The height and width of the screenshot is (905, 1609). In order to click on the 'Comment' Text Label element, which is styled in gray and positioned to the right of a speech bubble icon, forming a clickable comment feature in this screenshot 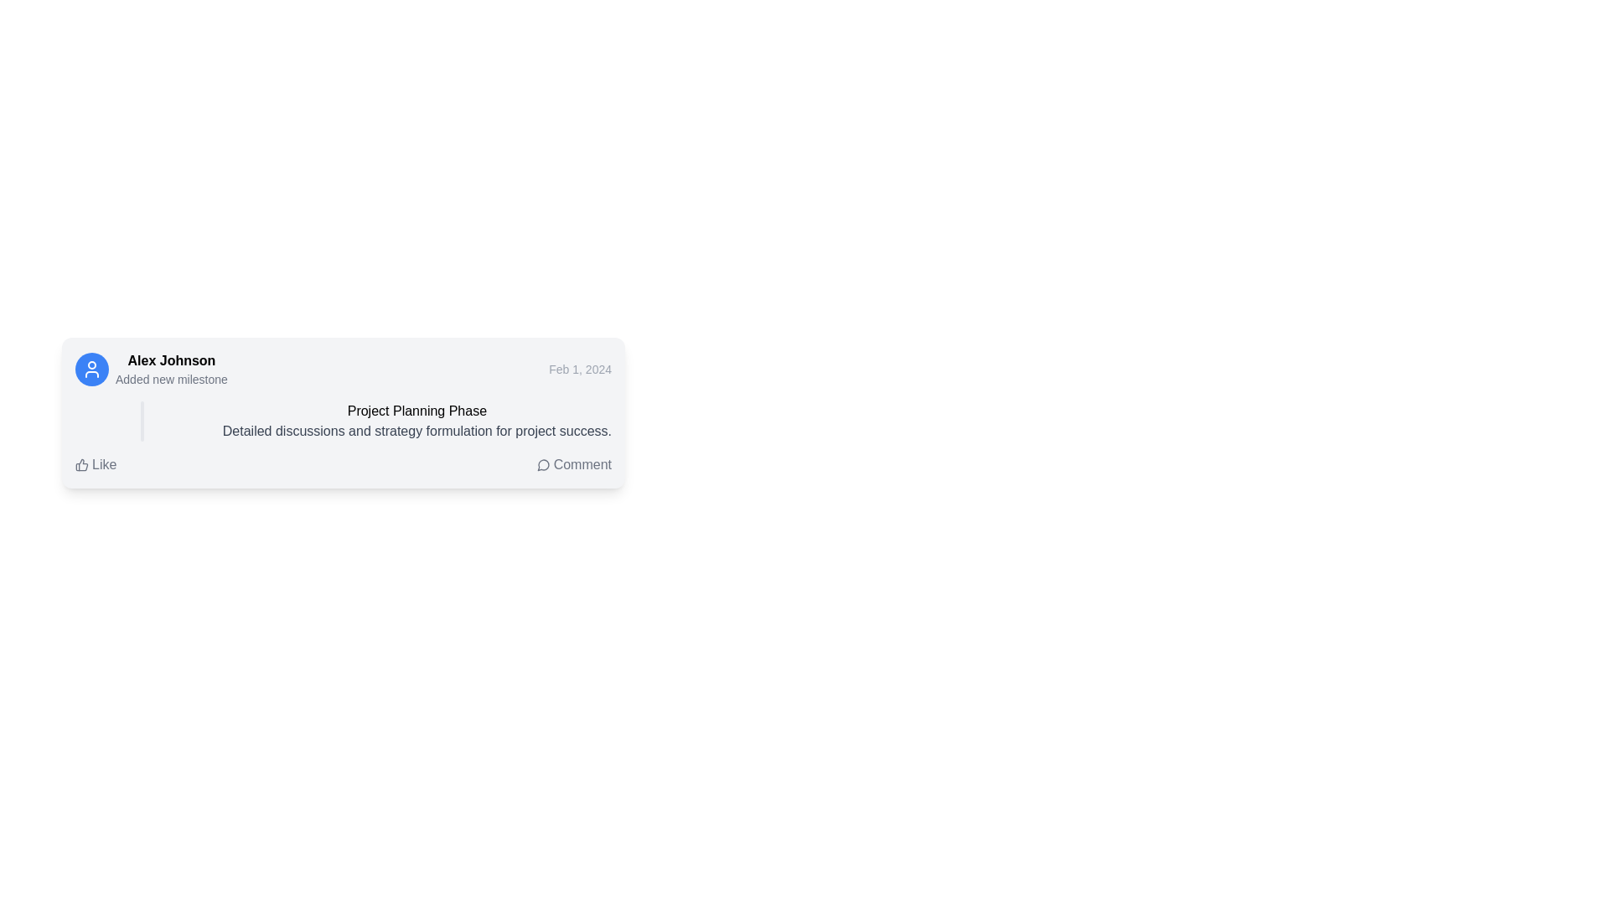, I will do `click(582, 465)`.